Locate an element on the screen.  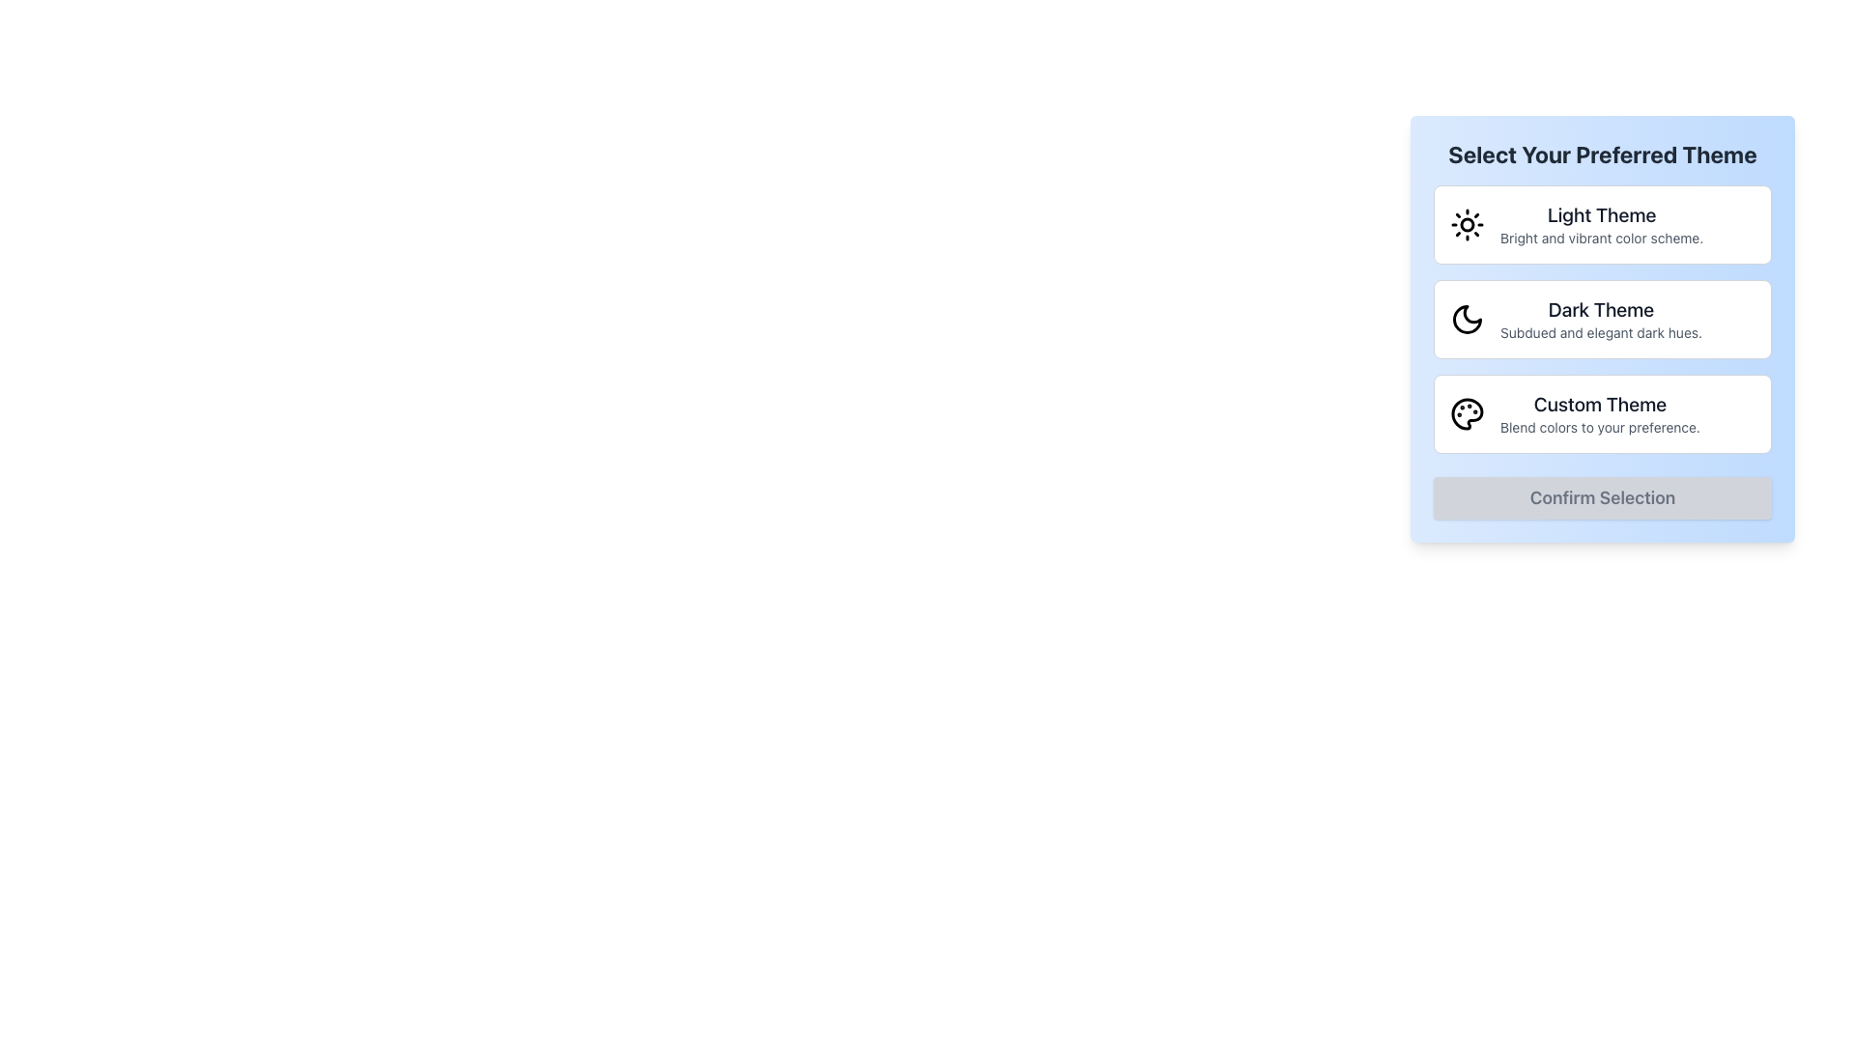
the crescent moon SVG icon located inside the 'Dark Theme' option box, adjacent to the 'Dark Theme' text description is located at coordinates (1467, 319).